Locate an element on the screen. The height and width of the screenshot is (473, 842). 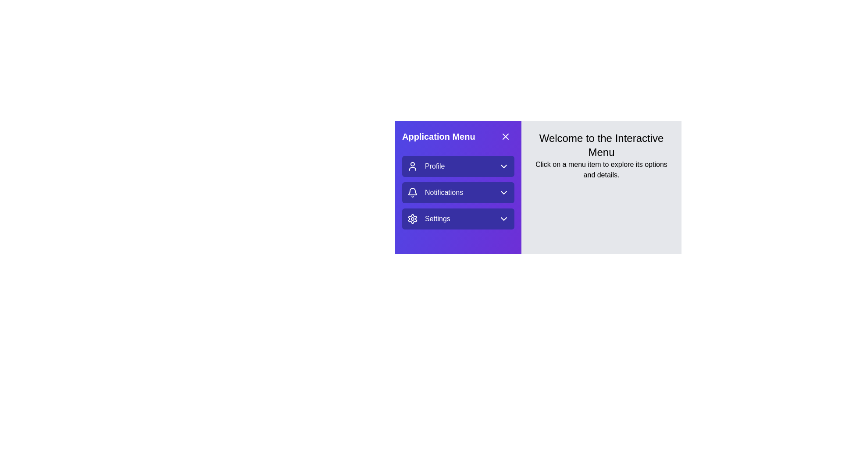
the notifications icon located to the left of the 'Notifications' text in the vertical menu layout is located at coordinates (412, 192).